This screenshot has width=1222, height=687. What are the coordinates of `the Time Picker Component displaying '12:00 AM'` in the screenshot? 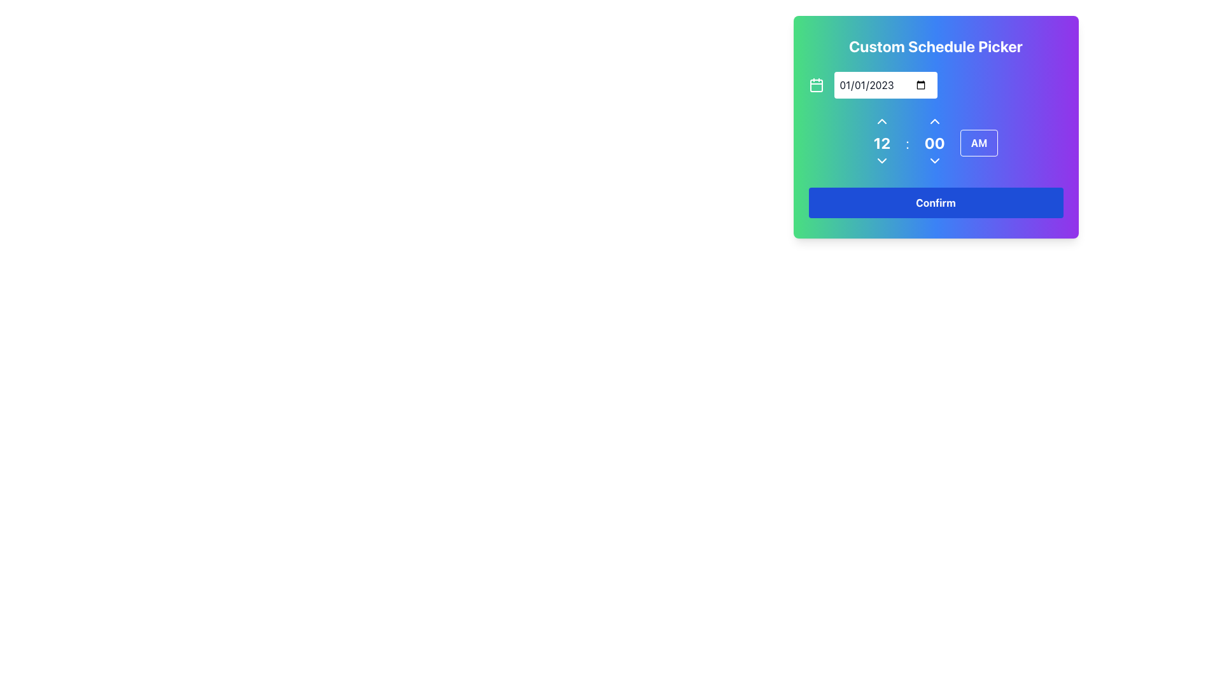 It's located at (936, 142).